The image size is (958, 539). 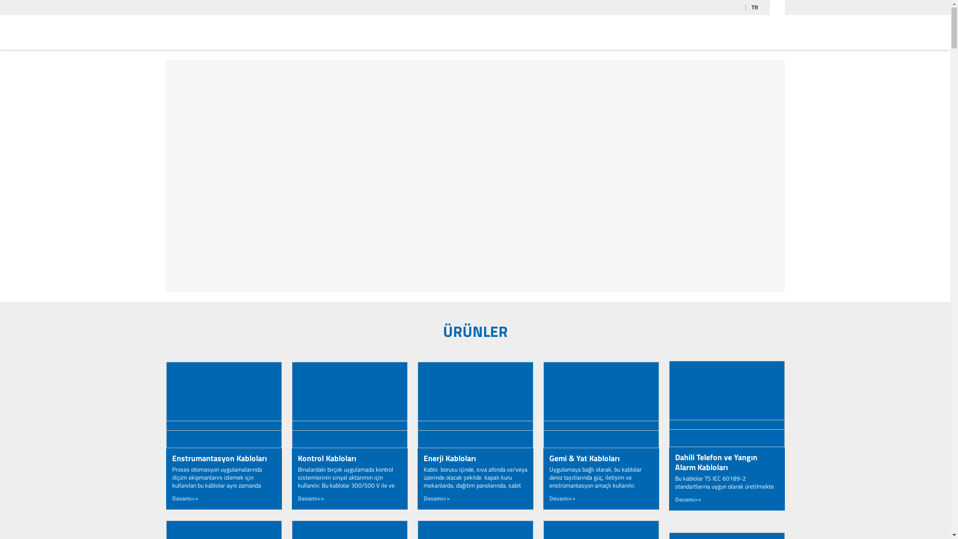 I want to click on 'TR', so click(x=757, y=7).